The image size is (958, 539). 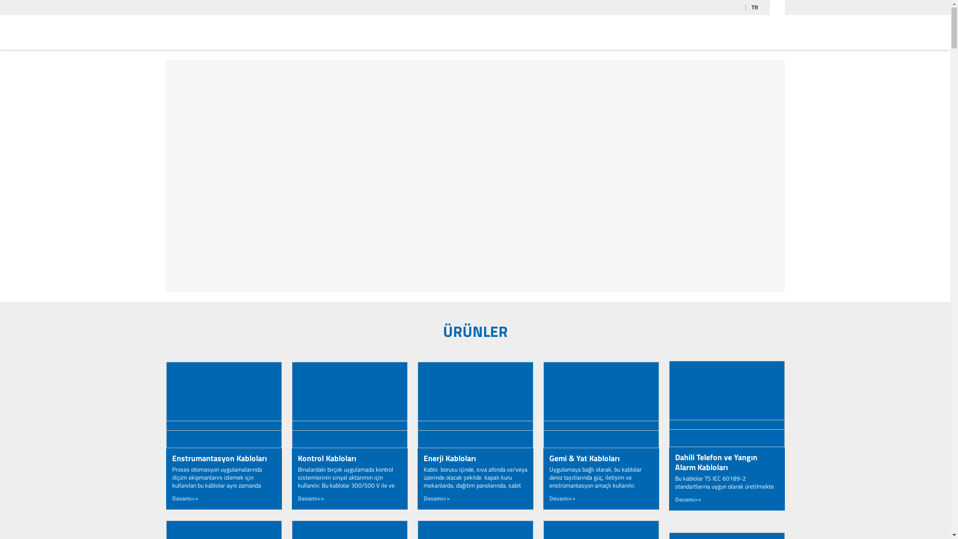 I want to click on 'TR', so click(x=757, y=7).